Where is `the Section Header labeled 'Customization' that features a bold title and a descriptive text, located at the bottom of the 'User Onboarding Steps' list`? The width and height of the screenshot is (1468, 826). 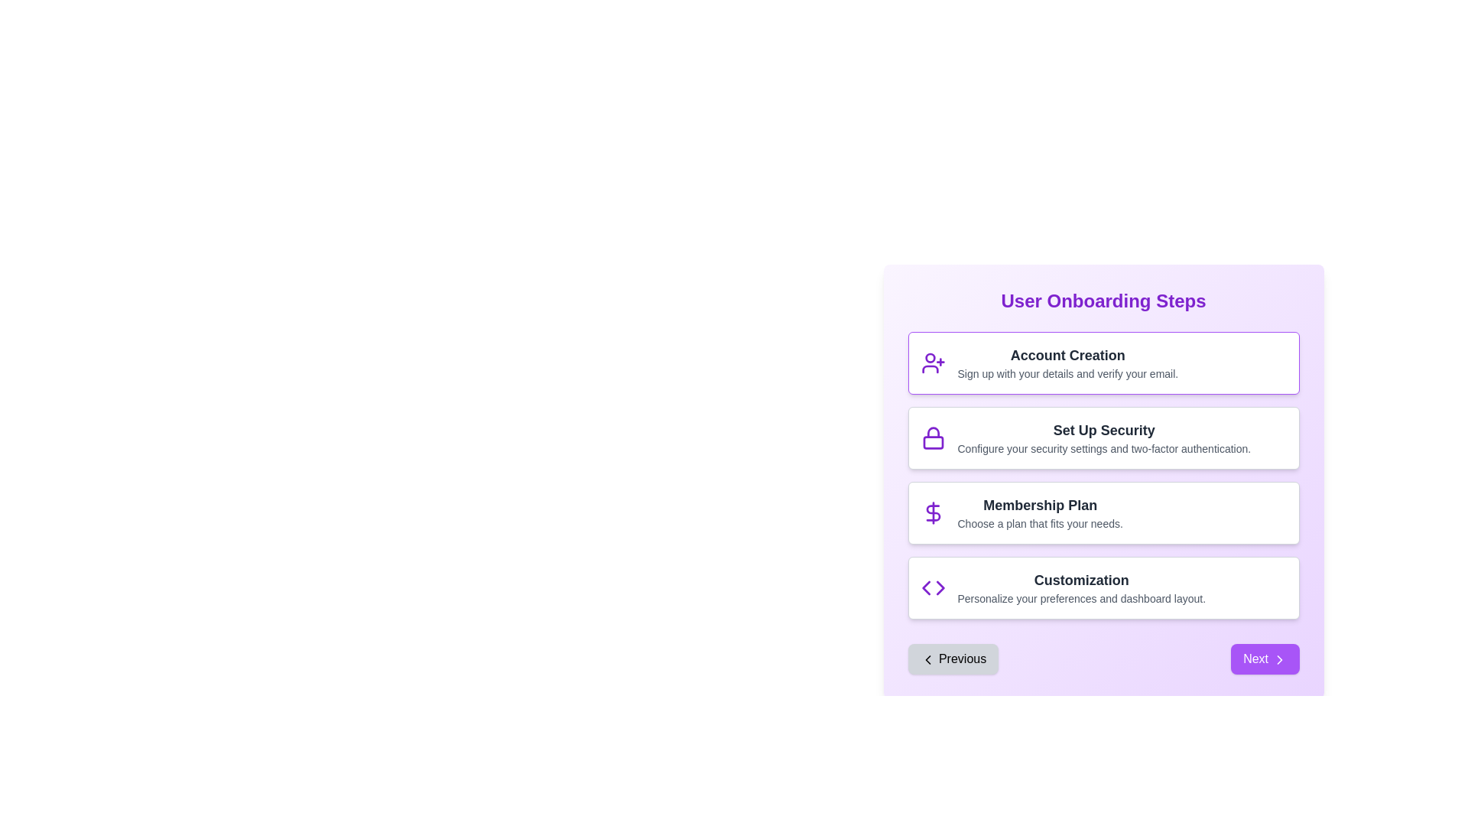
the Section Header labeled 'Customization' that features a bold title and a descriptive text, located at the bottom of the 'User Onboarding Steps' list is located at coordinates (1080, 587).